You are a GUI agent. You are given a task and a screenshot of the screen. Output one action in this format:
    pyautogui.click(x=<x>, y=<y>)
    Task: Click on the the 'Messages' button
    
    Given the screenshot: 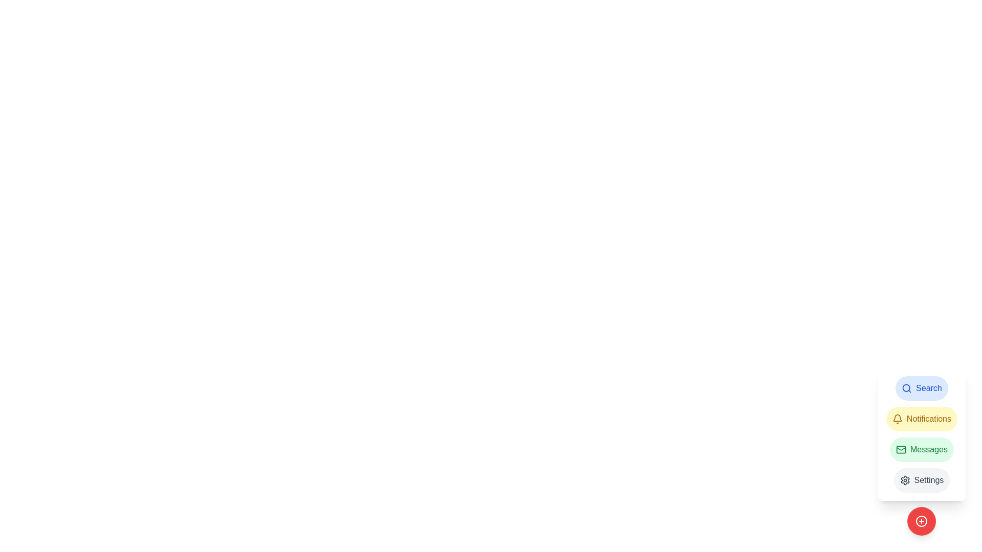 What is the action you would take?
    pyautogui.click(x=922, y=451)
    